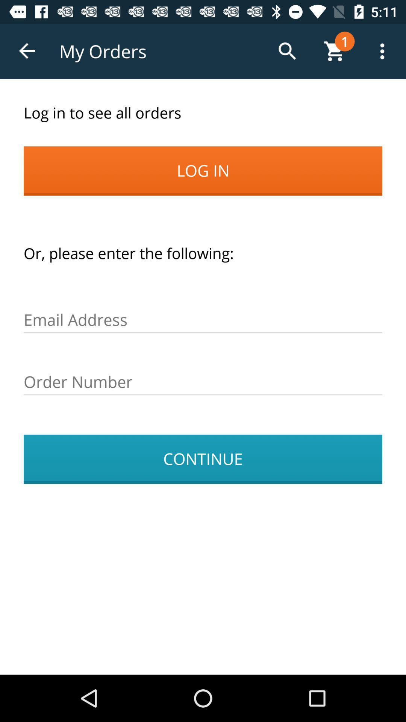 The height and width of the screenshot is (722, 406). Describe the element at coordinates (203, 459) in the screenshot. I see `continue` at that location.